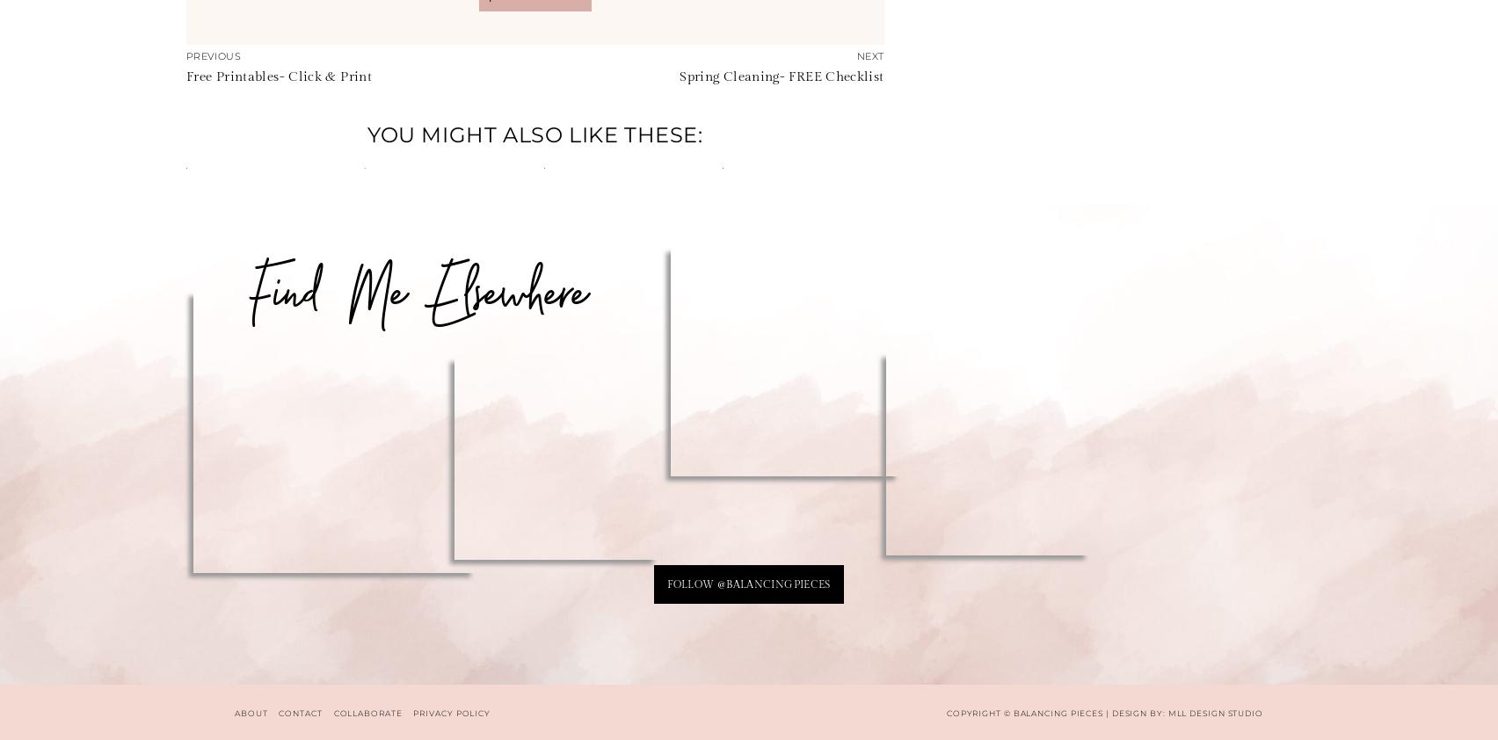 This screenshot has height=740, width=1498. Describe the element at coordinates (1135, 712) in the screenshot. I see `'|  Design By:'` at that location.